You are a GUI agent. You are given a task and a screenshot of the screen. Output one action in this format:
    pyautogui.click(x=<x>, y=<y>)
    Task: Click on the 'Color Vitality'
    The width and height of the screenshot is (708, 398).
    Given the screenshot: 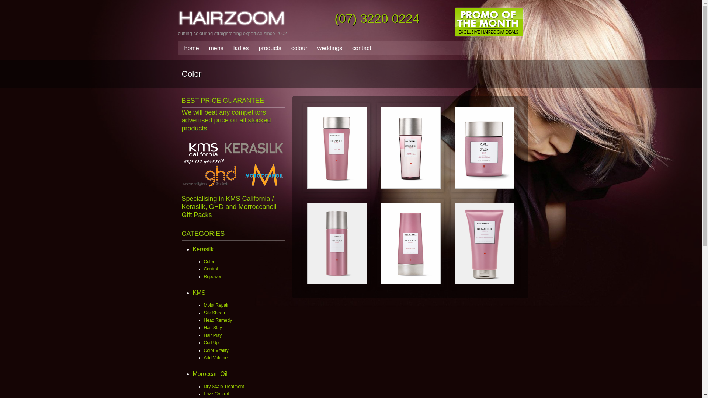 What is the action you would take?
    pyautogui.click(x=204, y=350)
    